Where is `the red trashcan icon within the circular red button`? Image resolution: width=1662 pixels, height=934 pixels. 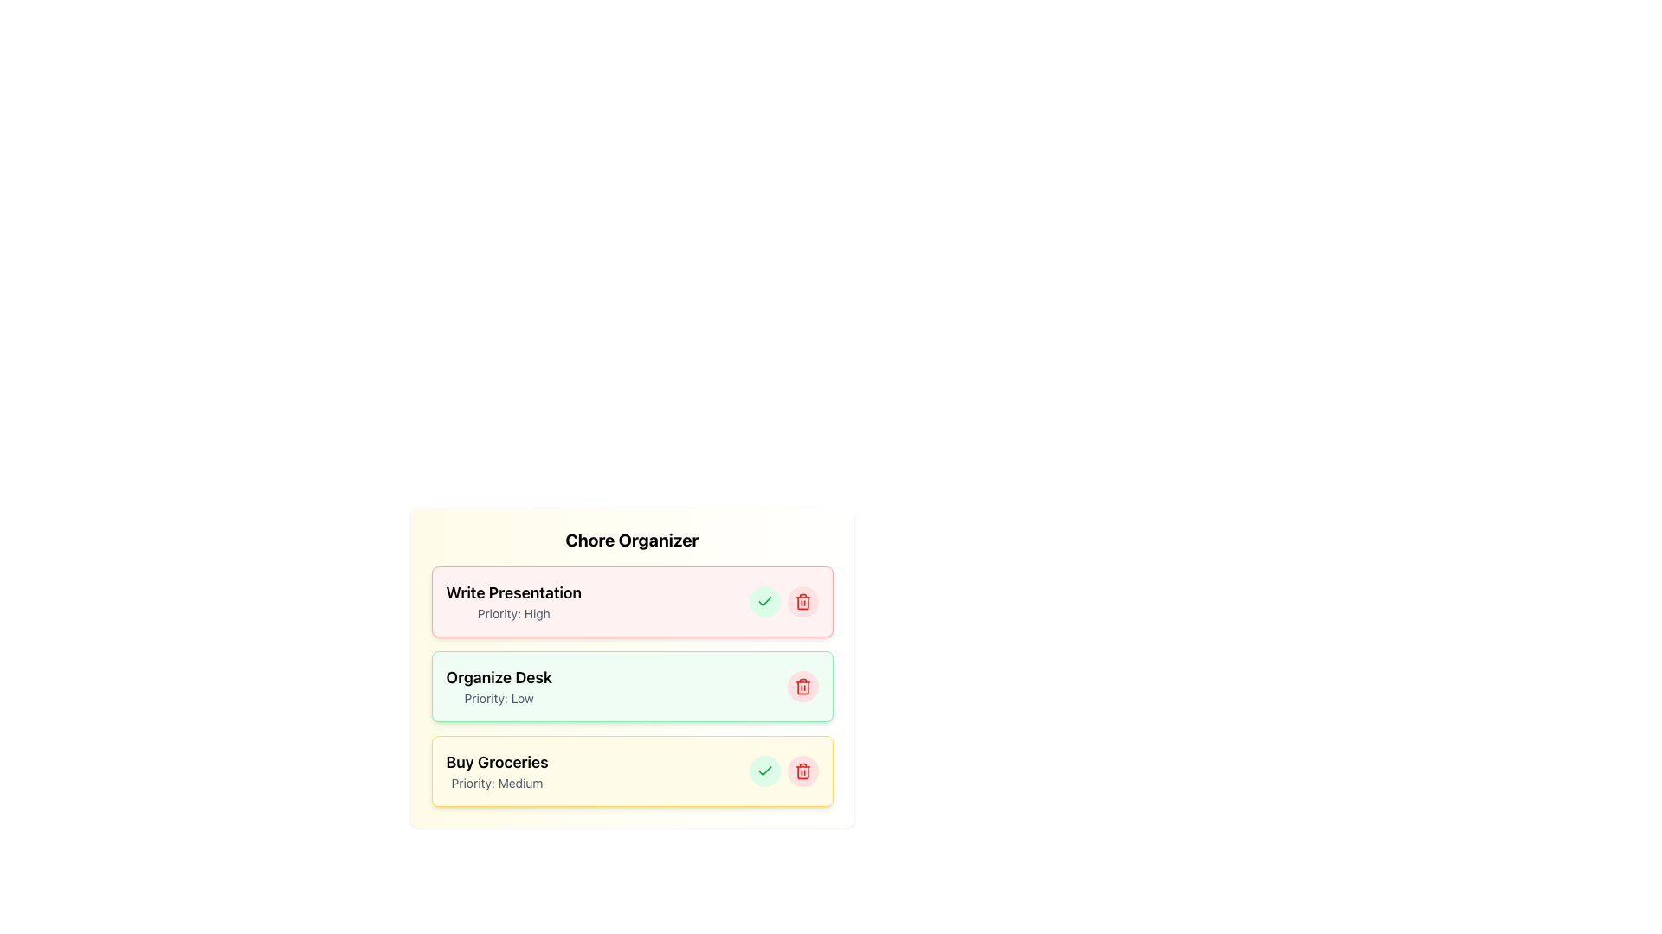 the red trashcan icon within the circular red button is located at coordinates (802, 770).